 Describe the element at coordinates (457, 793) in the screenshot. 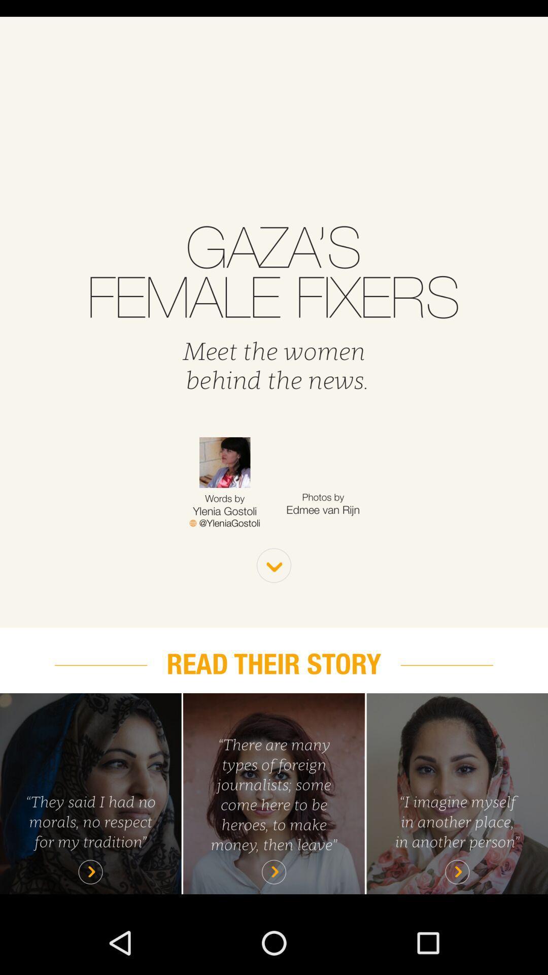

I see `drill down into story tile` at that location.